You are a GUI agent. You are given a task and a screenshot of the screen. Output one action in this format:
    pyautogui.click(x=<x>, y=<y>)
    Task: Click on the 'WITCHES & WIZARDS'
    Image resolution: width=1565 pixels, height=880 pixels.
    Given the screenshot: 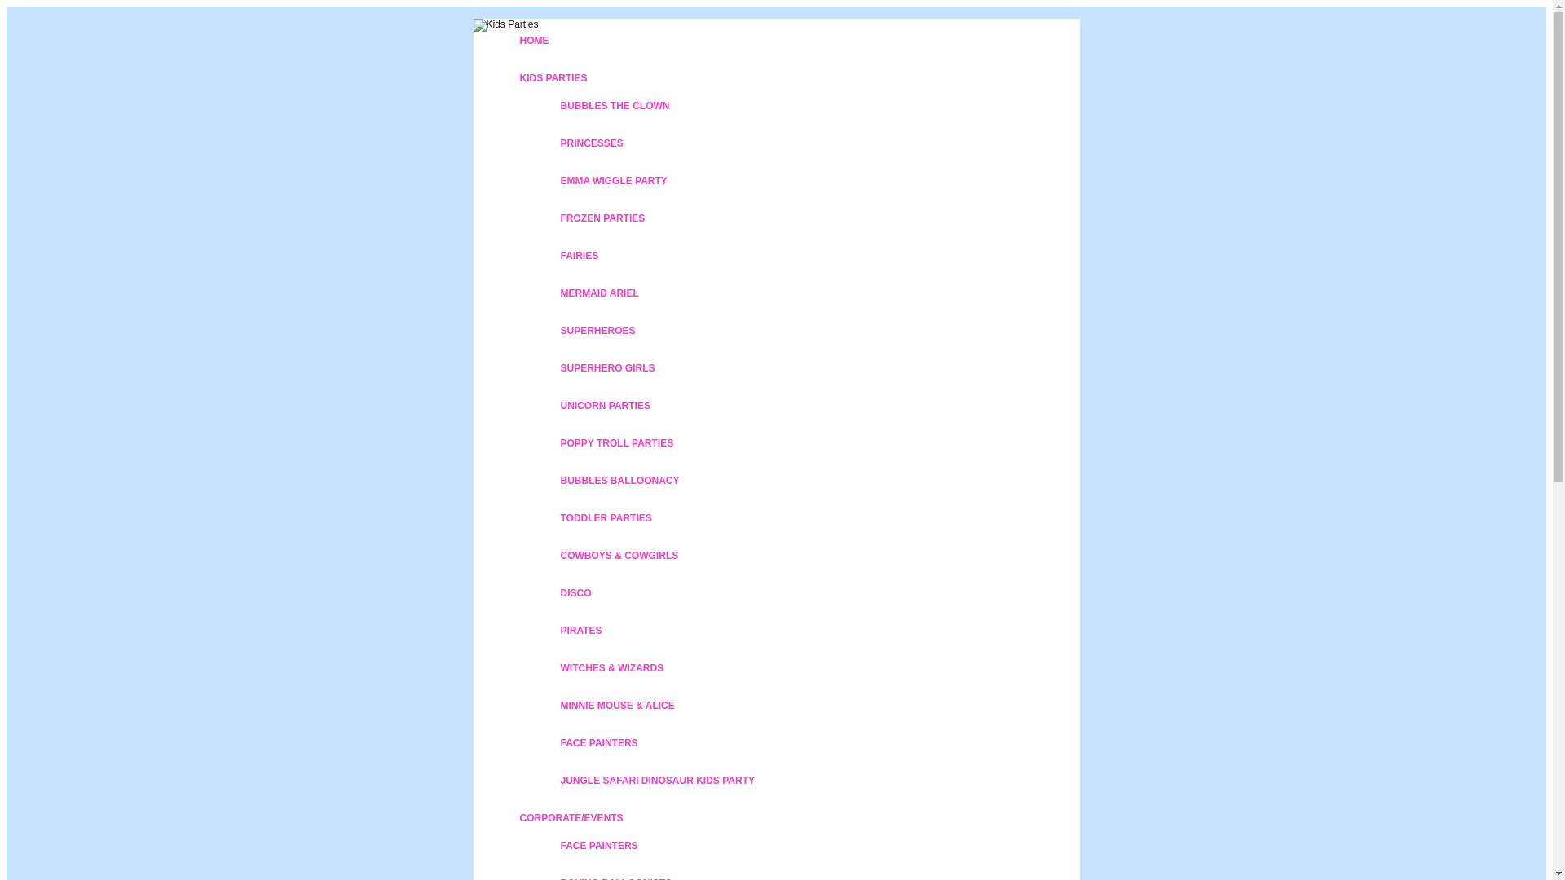 What is the action you would take?
    pyautogui.click(x=611, y=668)
    